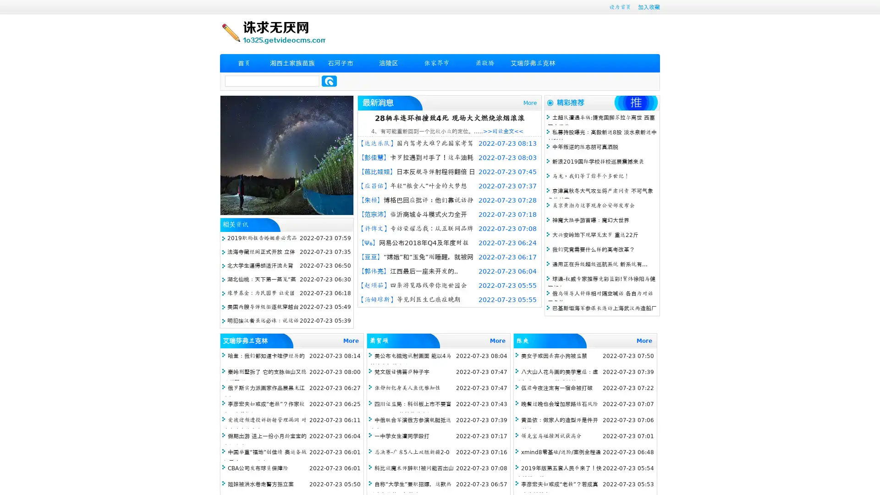  Describe the element at coordinates (329, 81) in the screenshot. I see `Search` at that location.